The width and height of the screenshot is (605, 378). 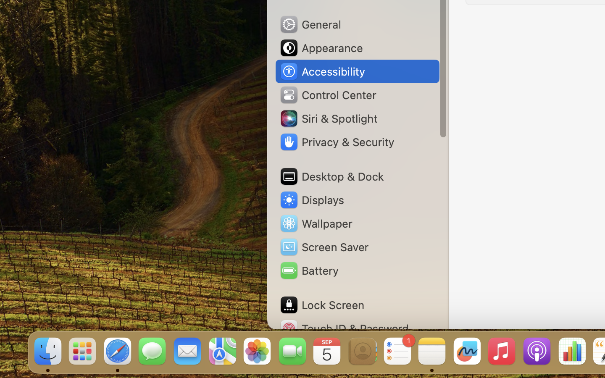 What do you see at coordinates (309, 24) in the screenshot?
I see `'General'` at bounding box center [309, 24].